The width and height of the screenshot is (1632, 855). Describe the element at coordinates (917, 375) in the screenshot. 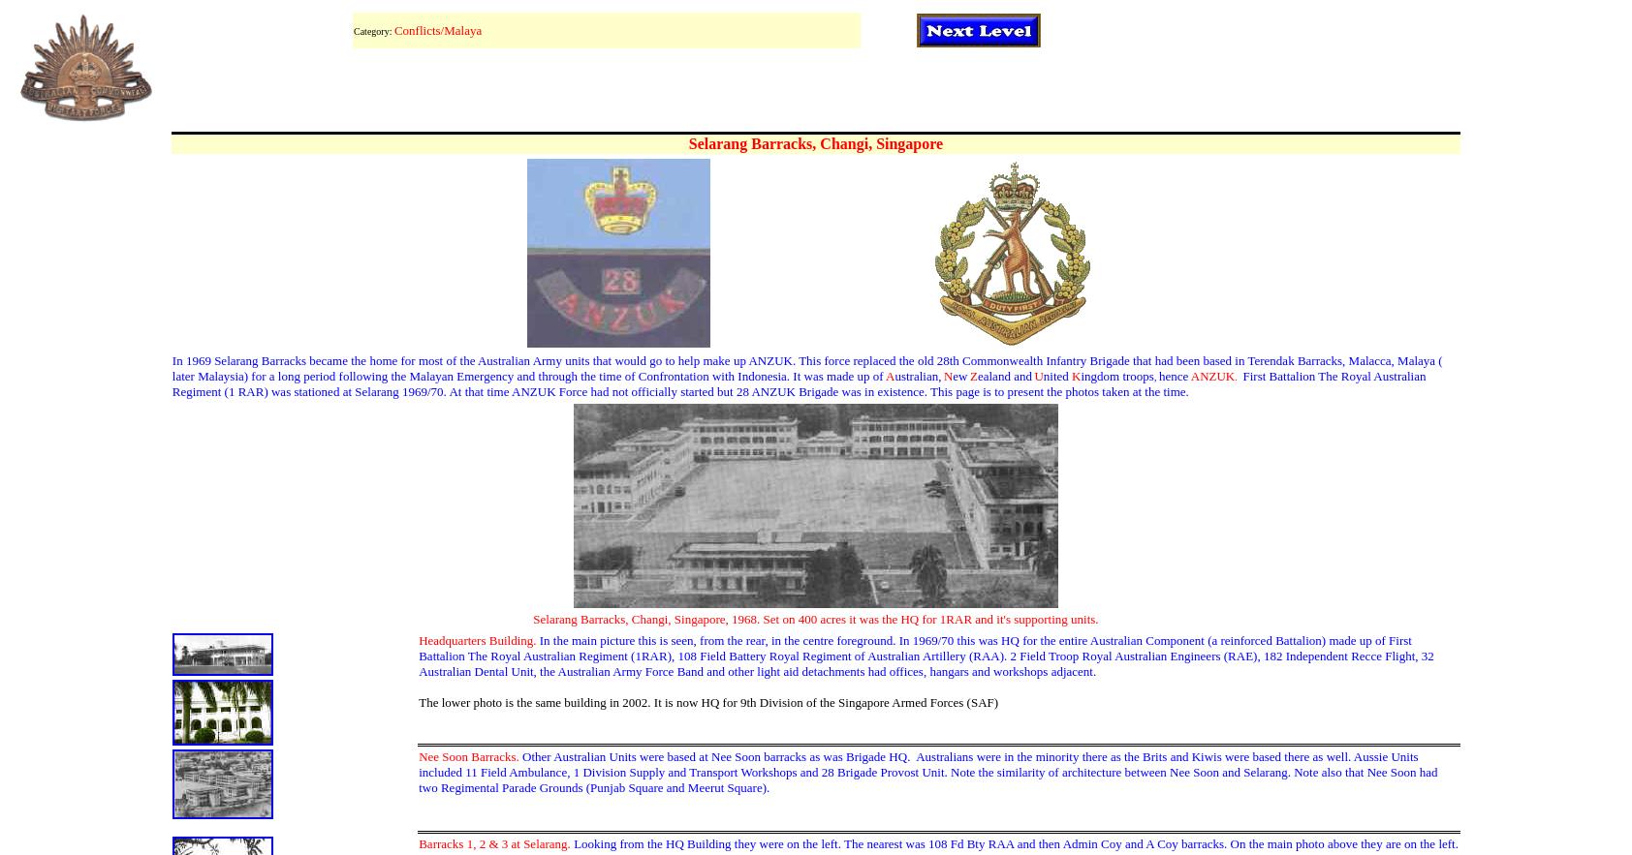

I see `'ustralian,'` at that location.